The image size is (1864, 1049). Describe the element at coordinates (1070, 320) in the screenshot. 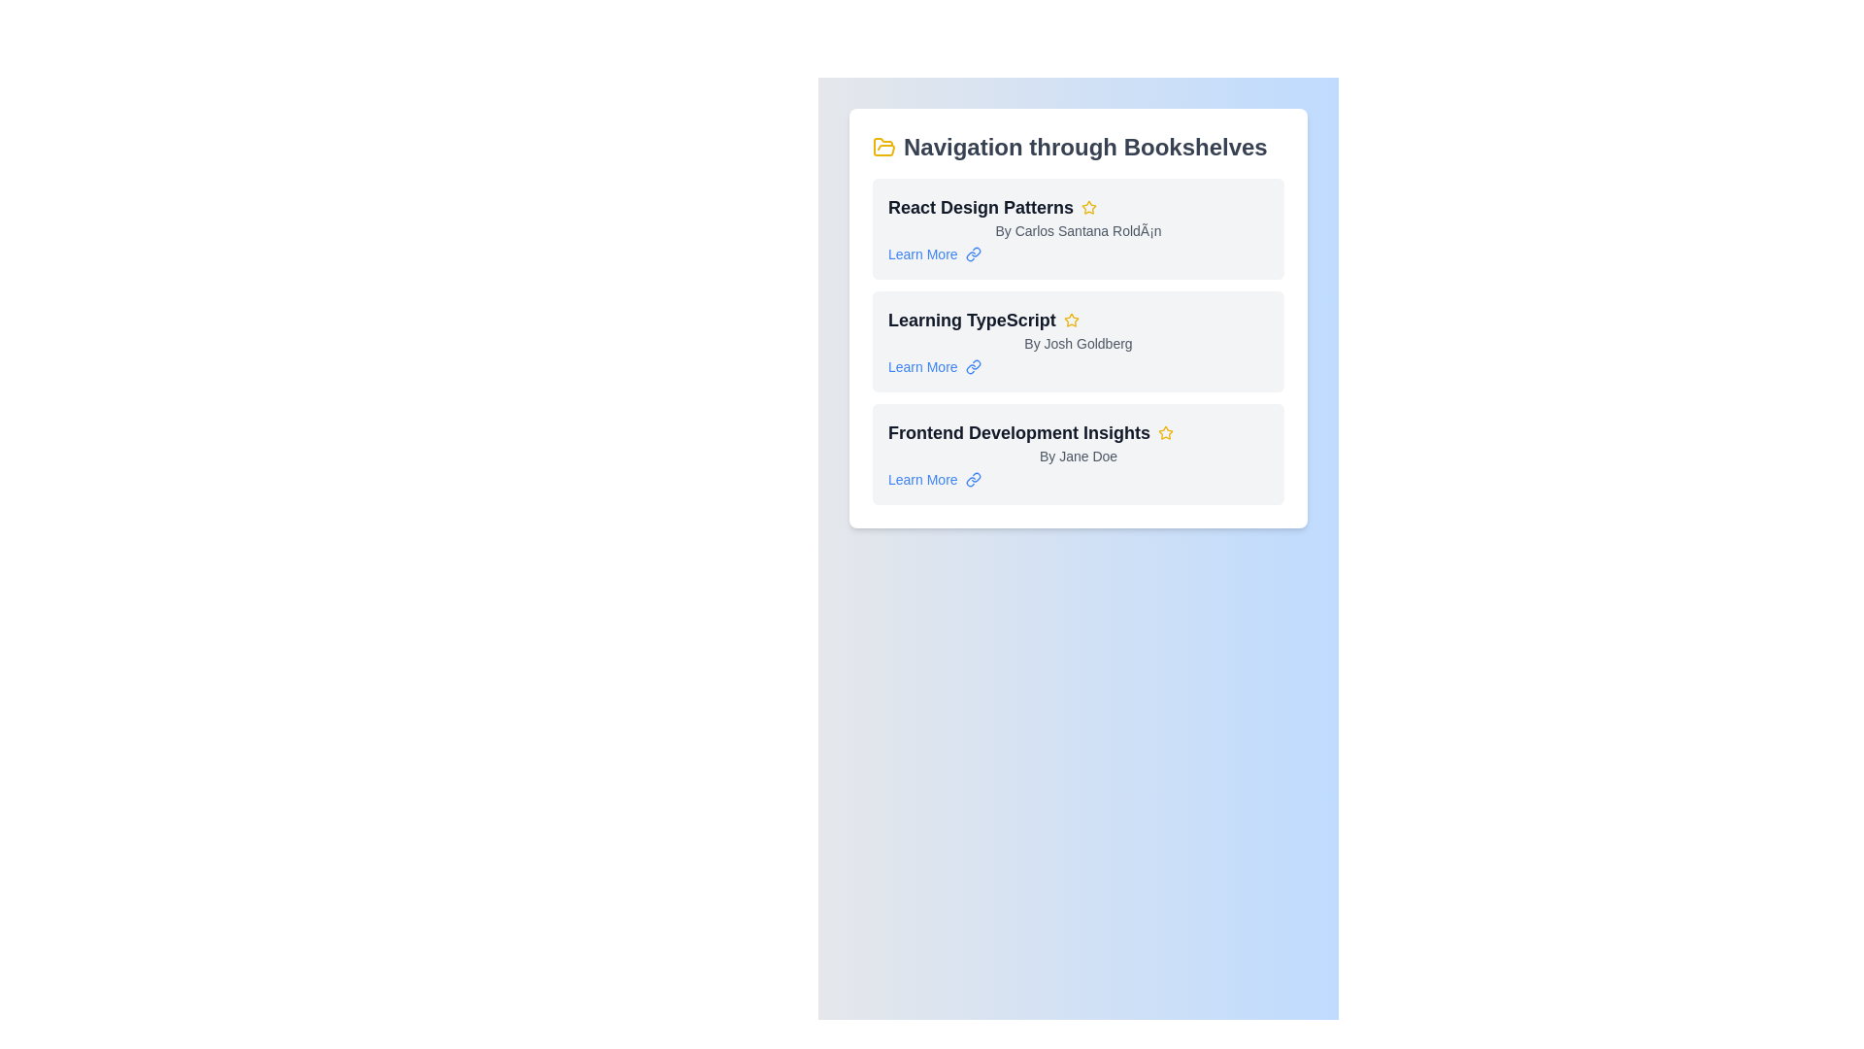

I see `the yellow star icon adjacent to the text 'Learning TypeScript'` at that location.